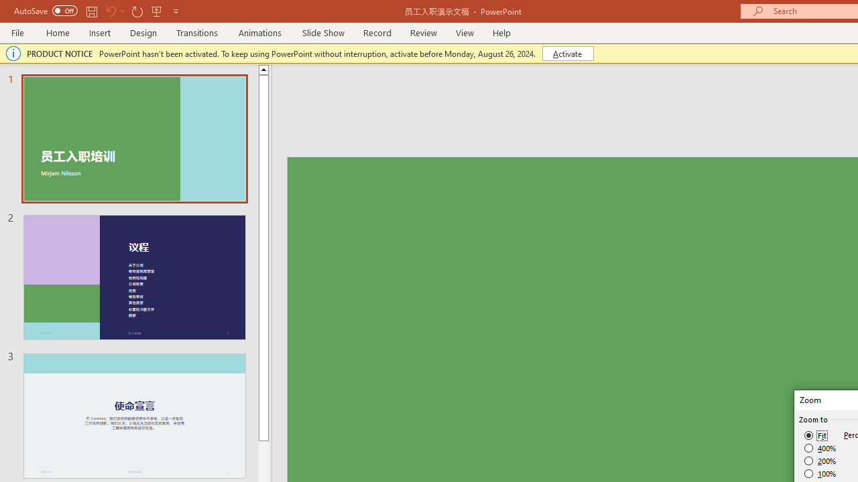 This screenshot has height=482, width=858. I want to click on 'Home', so click(57, 32).